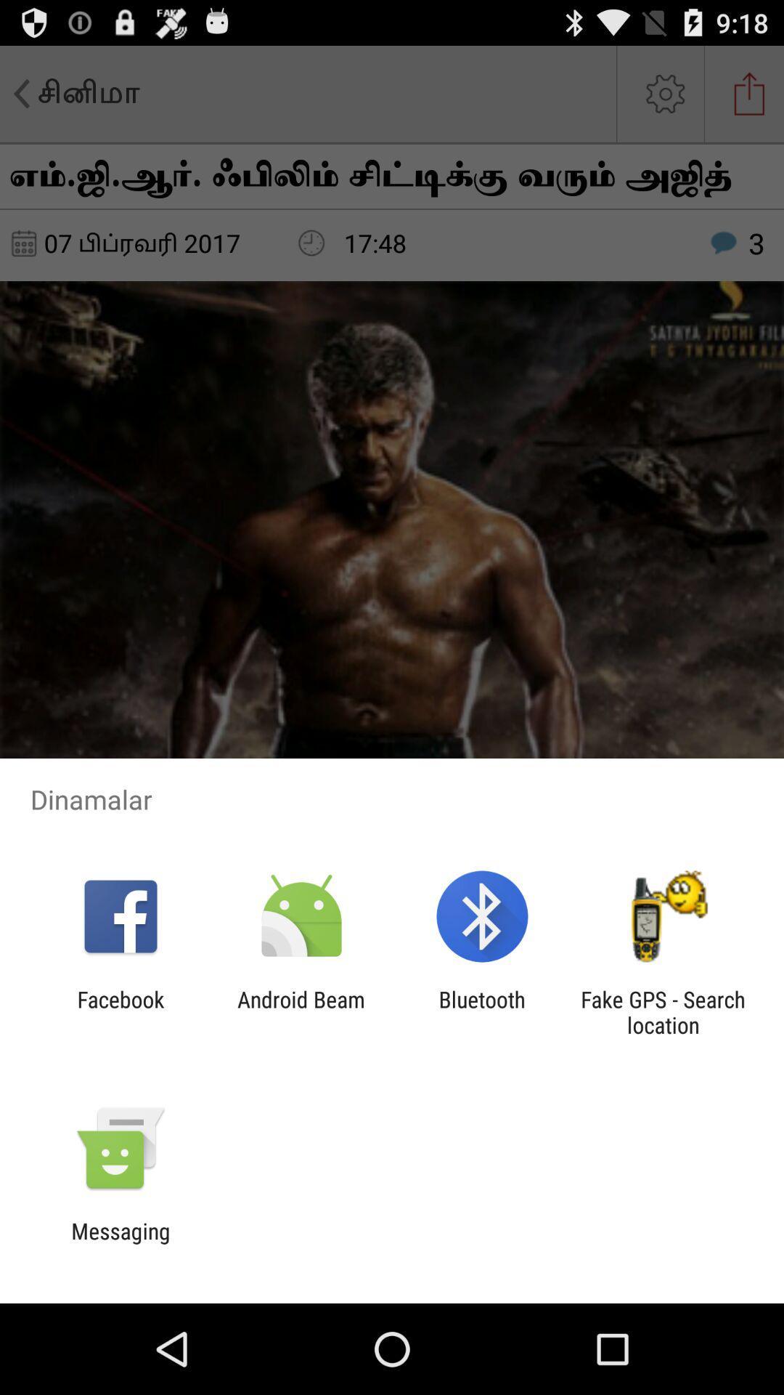 This screenshot has width=784, height=1395. Describe the element at coordinates (301, 1011) in the screenshot. I see `the android beam` at that location.